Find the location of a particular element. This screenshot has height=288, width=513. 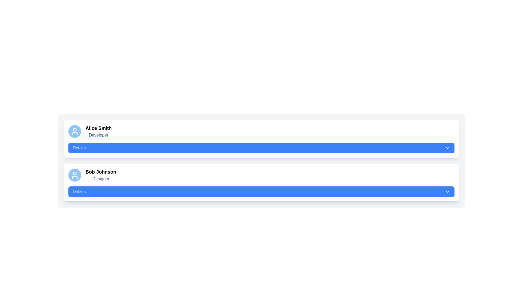

the lower portion of the user profile icon in the second user card, which is part of a structured card layout, located below the circular head shape is located at coordinates (74, 177).